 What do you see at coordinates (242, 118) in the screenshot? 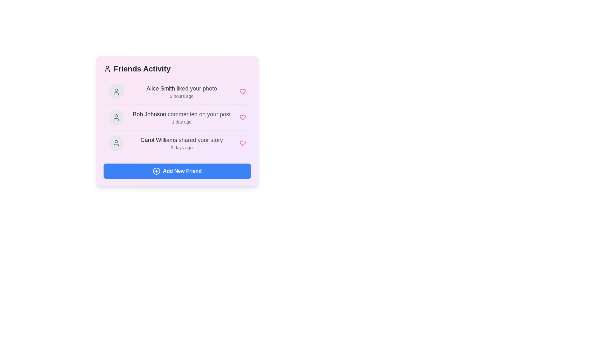
I see `the heart icon next to the activity of Bob Johnson to like it` at bounding box center [242, 118].